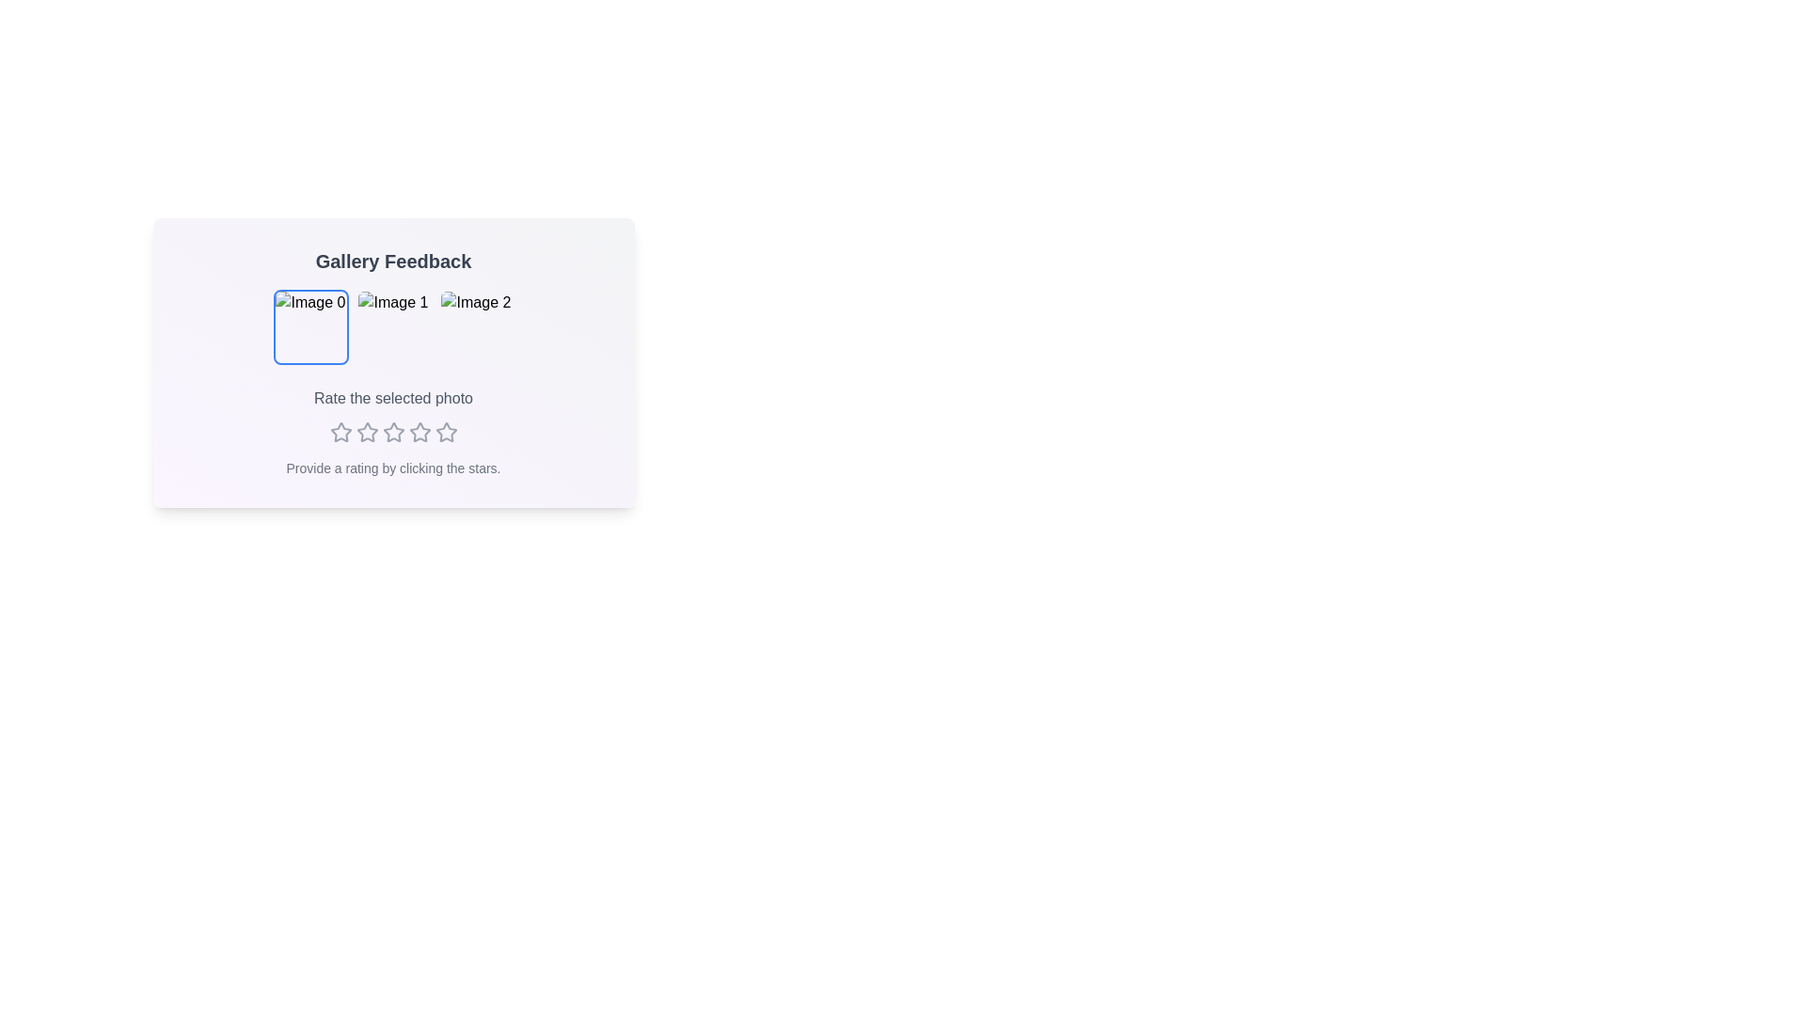 The image size is (1806, 1016). Describe the element at coordinates (392, 432) in the screenshot. I see `the third star in the rating component` at that location.